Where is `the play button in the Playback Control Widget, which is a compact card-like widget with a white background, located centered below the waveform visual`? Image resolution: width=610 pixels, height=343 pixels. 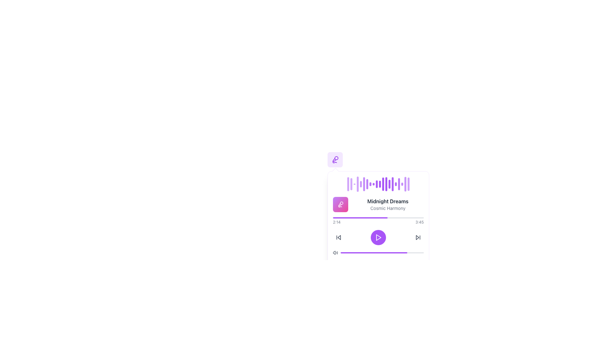 the play button in the Playback Control Widget, which is a compact card-like widget with a white background, located centered below the waveform visual is located at coordinates (378, 226).